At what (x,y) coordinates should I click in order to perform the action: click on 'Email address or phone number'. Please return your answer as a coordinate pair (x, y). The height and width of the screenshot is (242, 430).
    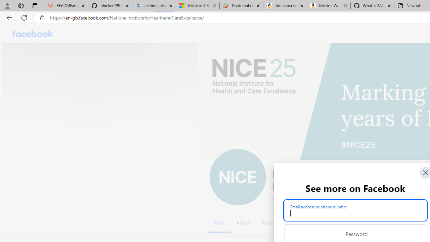
    Looking at the image, I should click on (355, 210).